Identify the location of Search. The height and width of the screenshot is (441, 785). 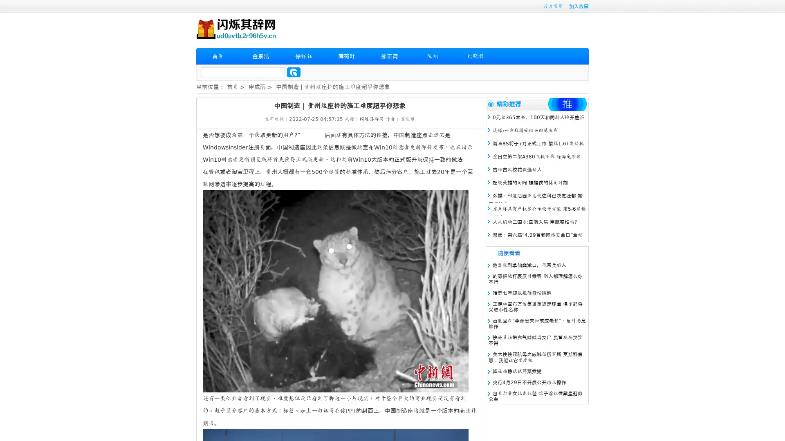
(294, 72).